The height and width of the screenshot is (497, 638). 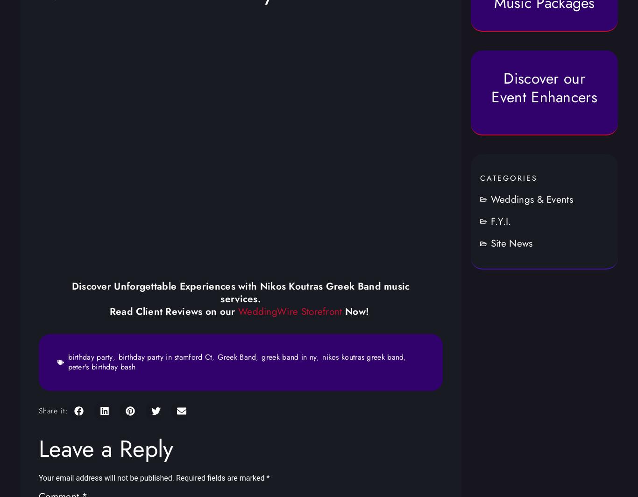 What do you see at coordinates (106, 449) in the screenshot?
I see `'Leave a Reply'` at bounding box center [106, 449].